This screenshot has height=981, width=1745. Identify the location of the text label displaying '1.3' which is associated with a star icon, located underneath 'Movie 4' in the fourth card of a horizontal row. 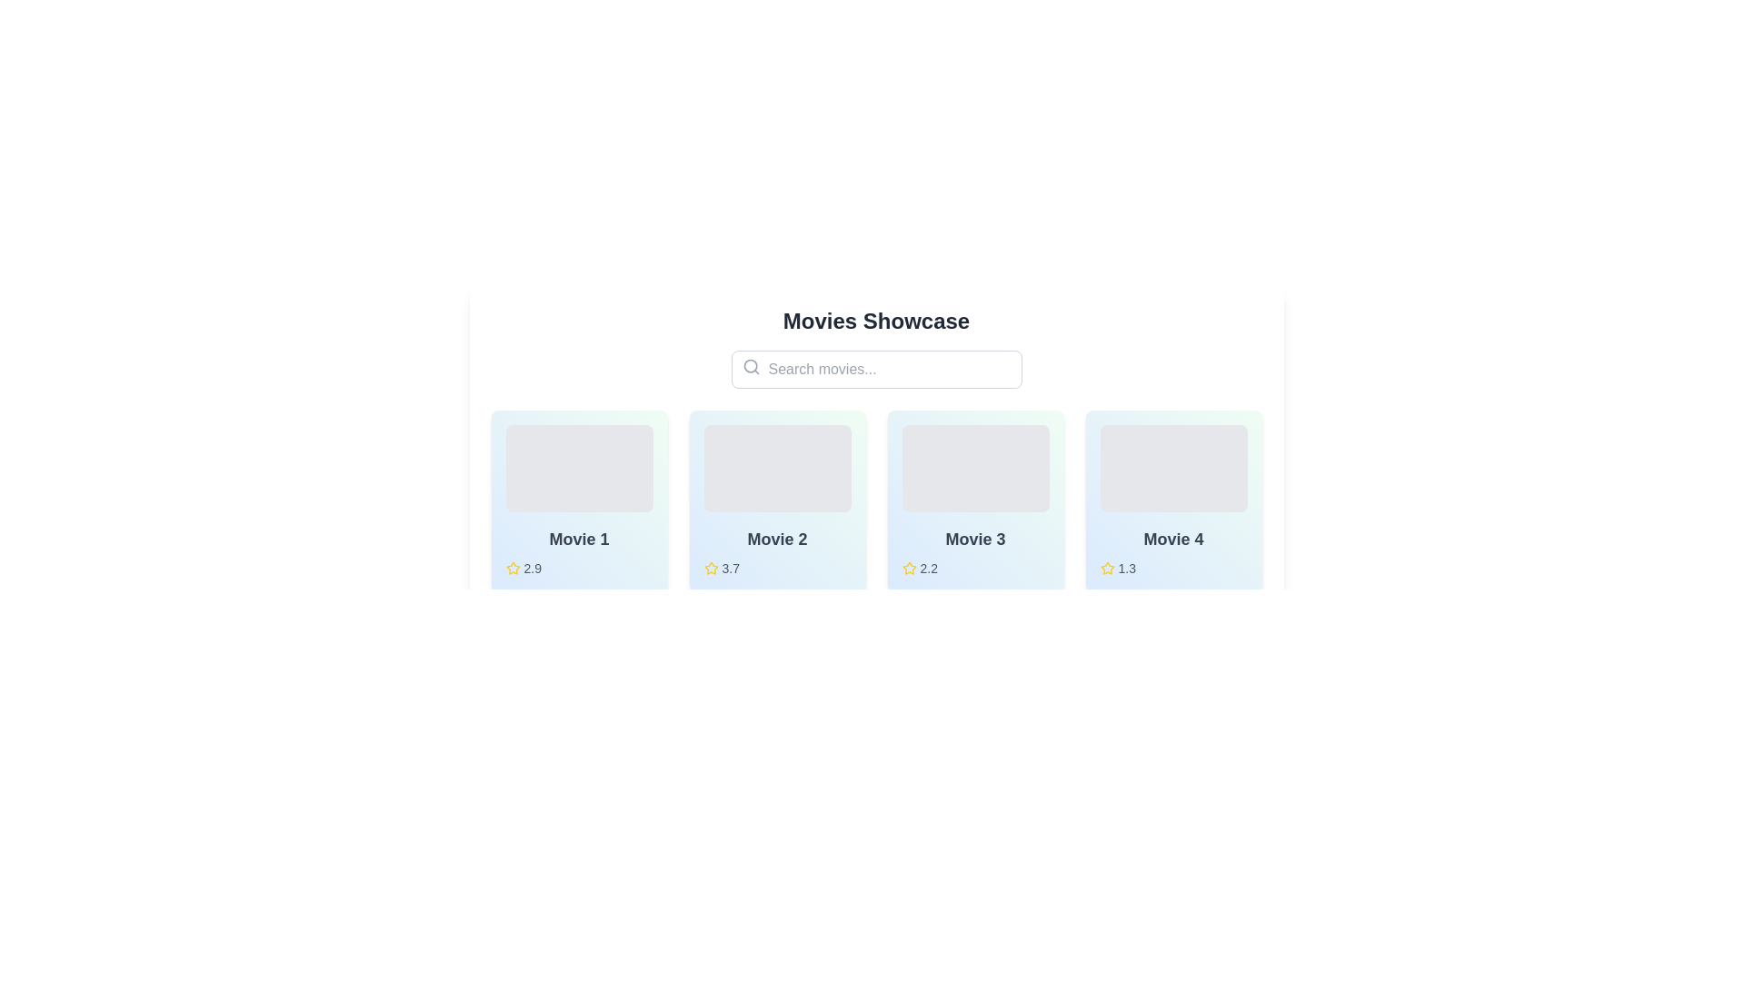
(1126, 567).